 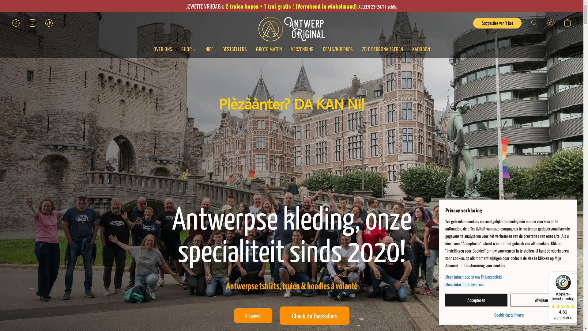 What do you see at coordinates (201, 48) in the screenshot?
I see `'NIEF'` at bounding box center [201, 48].